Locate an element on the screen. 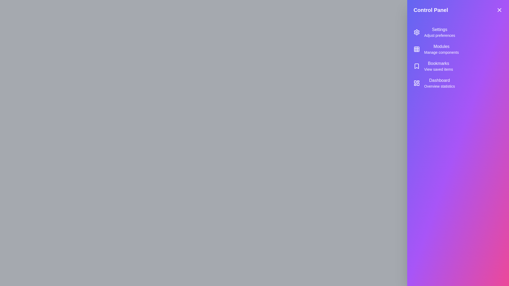 The image size is (509, 286). the 'Dashboard' heading in the sidebar menu, which displays the text prominently against a gradient purple background is located at coordinates (439, 81).